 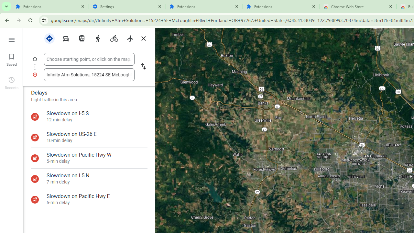 I want to click on 'Flights', so click(x=130, y=39).